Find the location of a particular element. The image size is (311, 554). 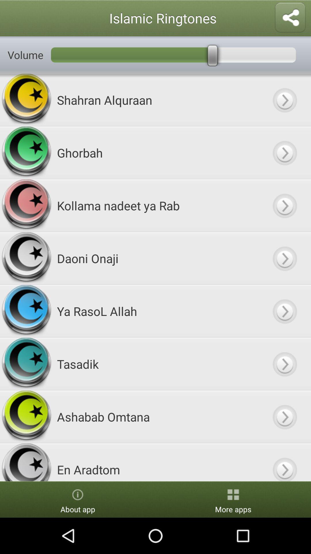

next option is located at coordinates (284, 311).